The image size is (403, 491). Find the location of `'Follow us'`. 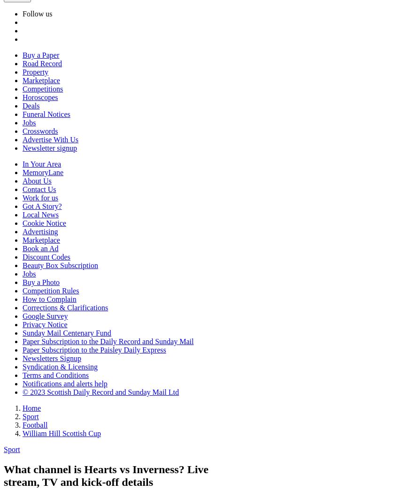

'Follow us' is located at coordinates (37, 13).